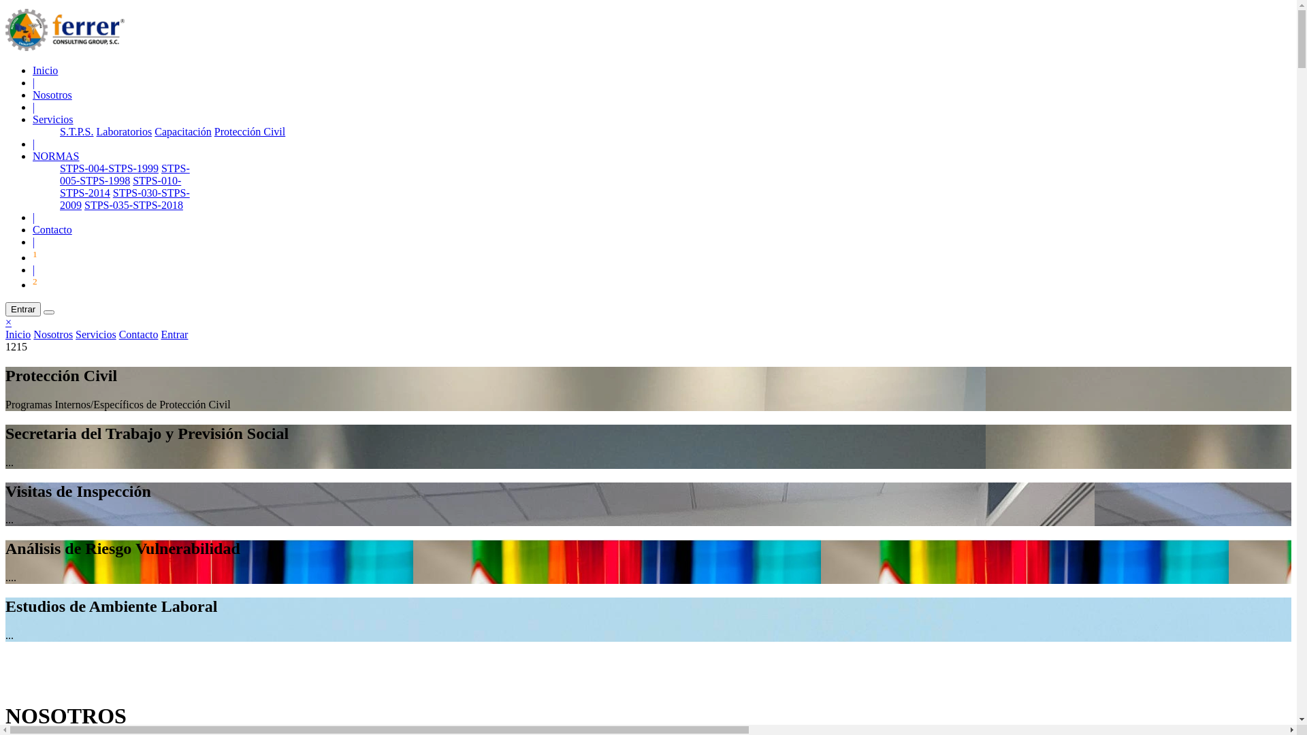  What do you see at coordinates (124, 131) in the screenshot?
I see `'Laboratorios'` at bounding box center [124, 131].